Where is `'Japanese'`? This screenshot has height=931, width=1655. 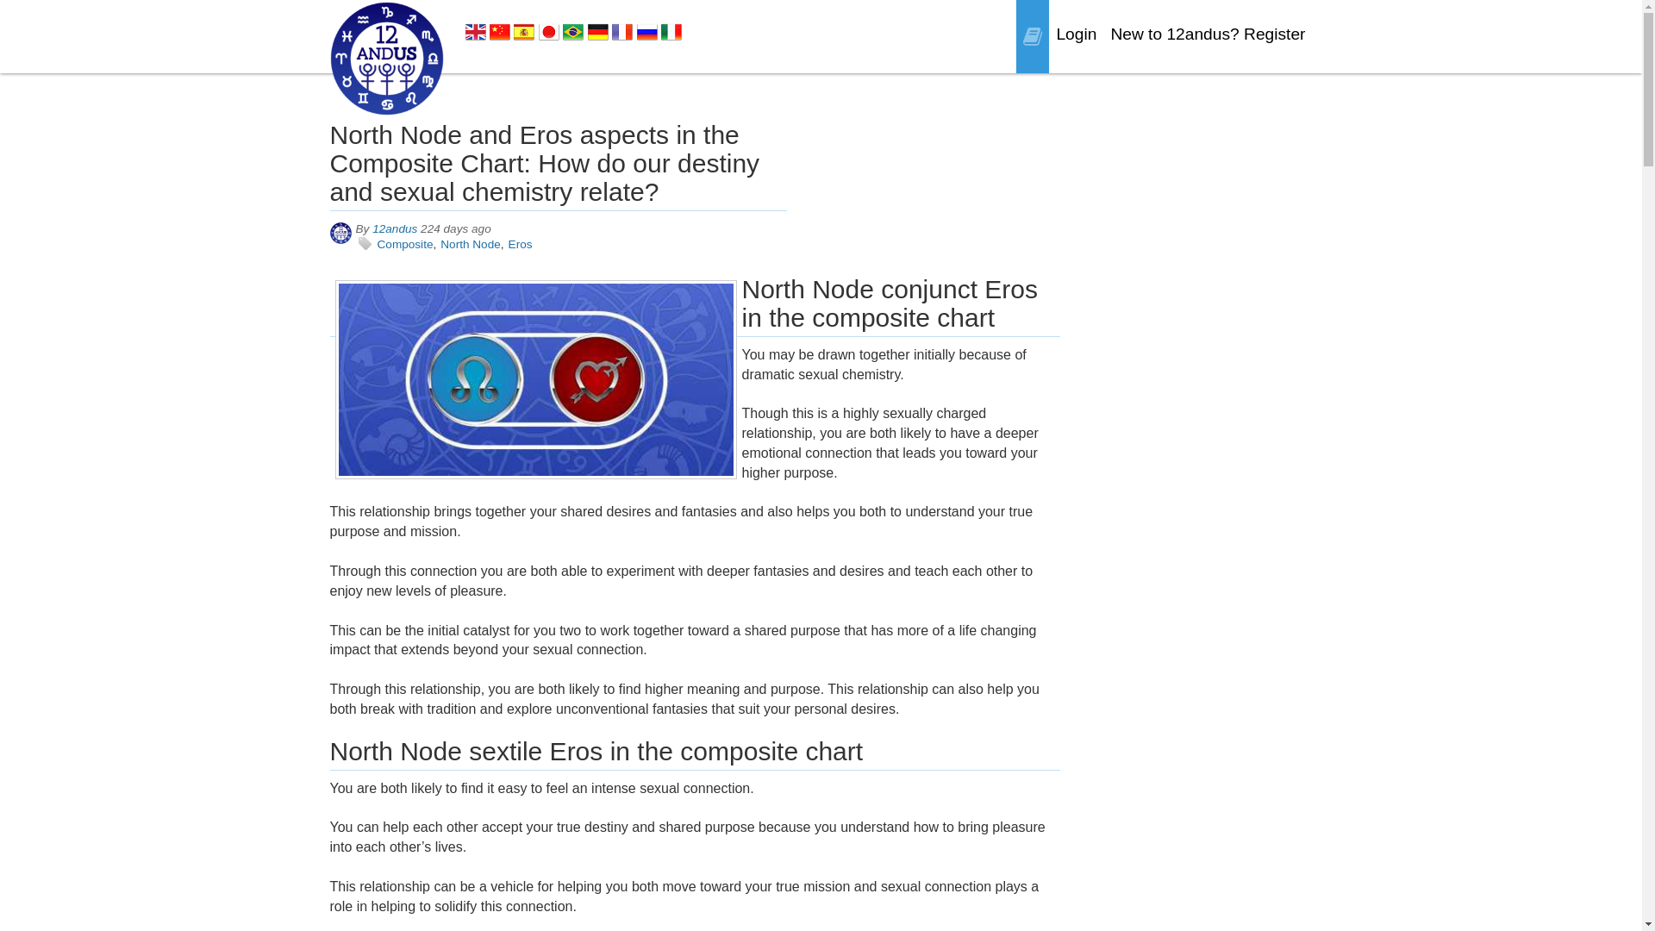 'Japanese' is located at coordinates (537, 30).